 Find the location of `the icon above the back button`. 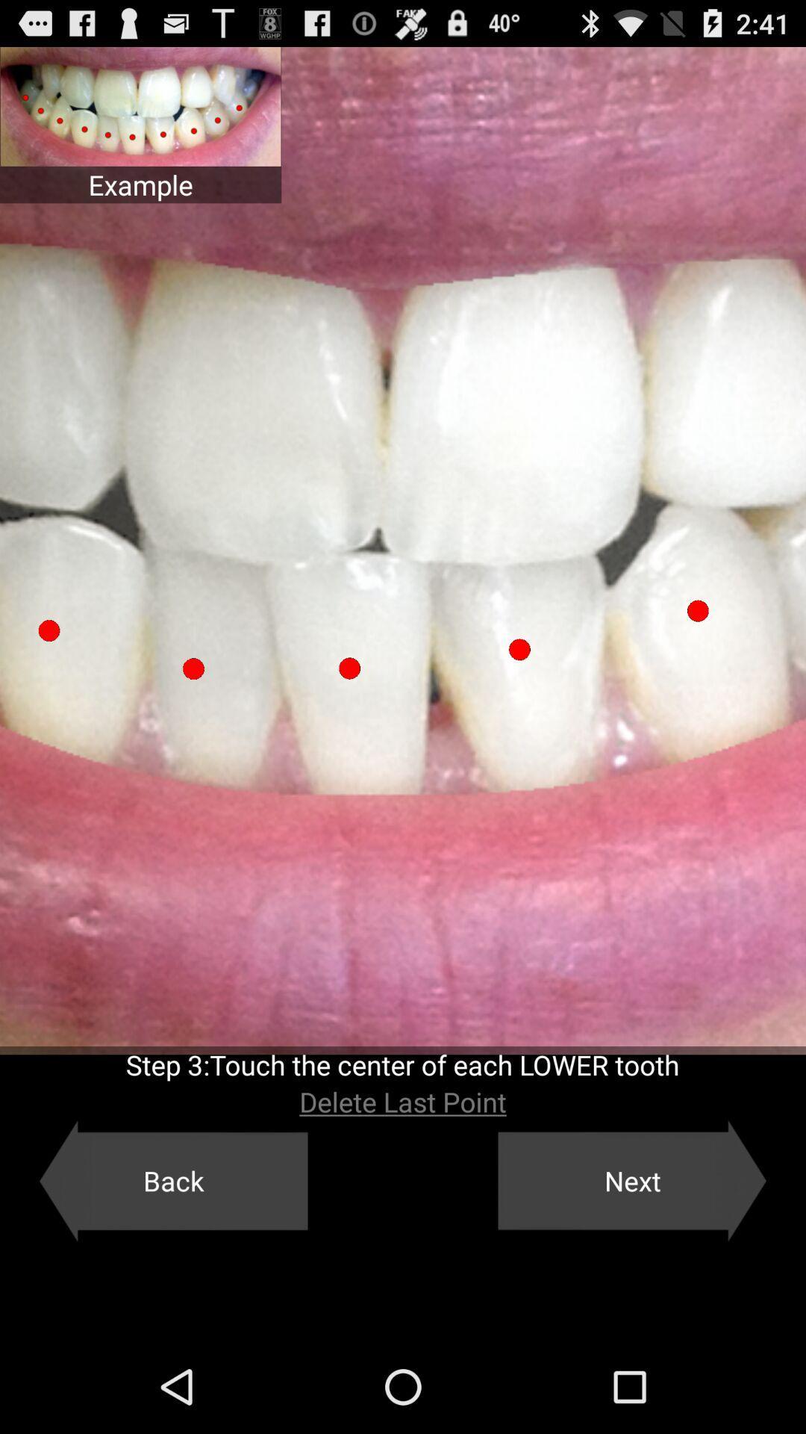

the icon above the back button is located at coordinates (403, 1102).